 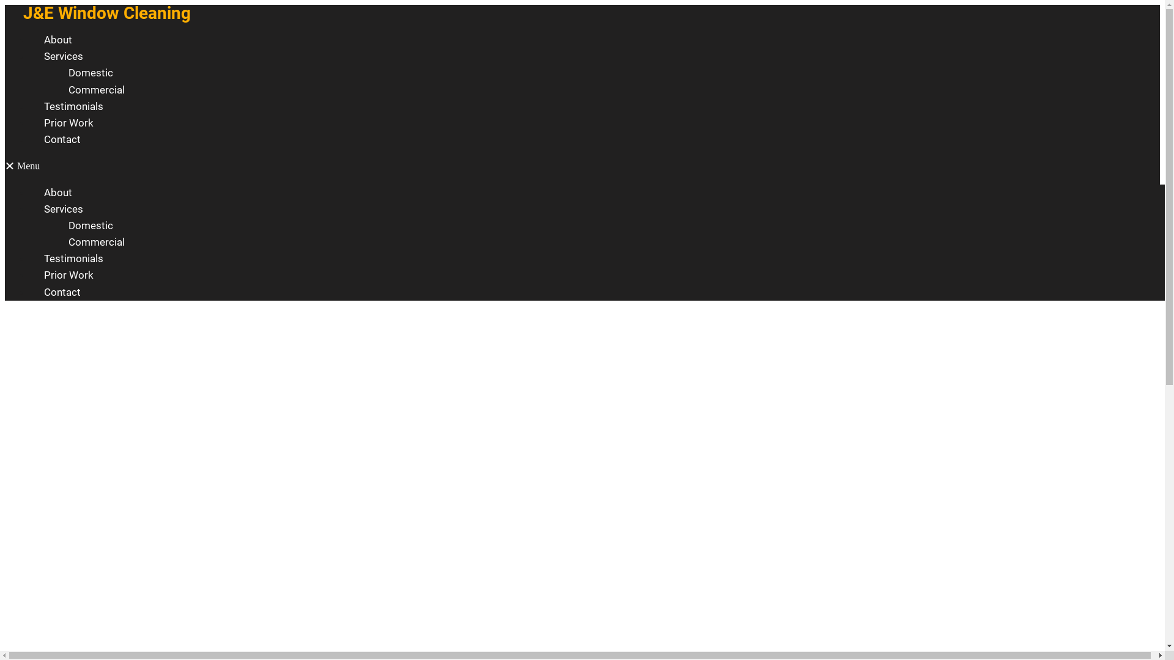 What do you see at coordinates (57, 191) in the screenshot?
I see `'About'` at bounding box center [57, 191].